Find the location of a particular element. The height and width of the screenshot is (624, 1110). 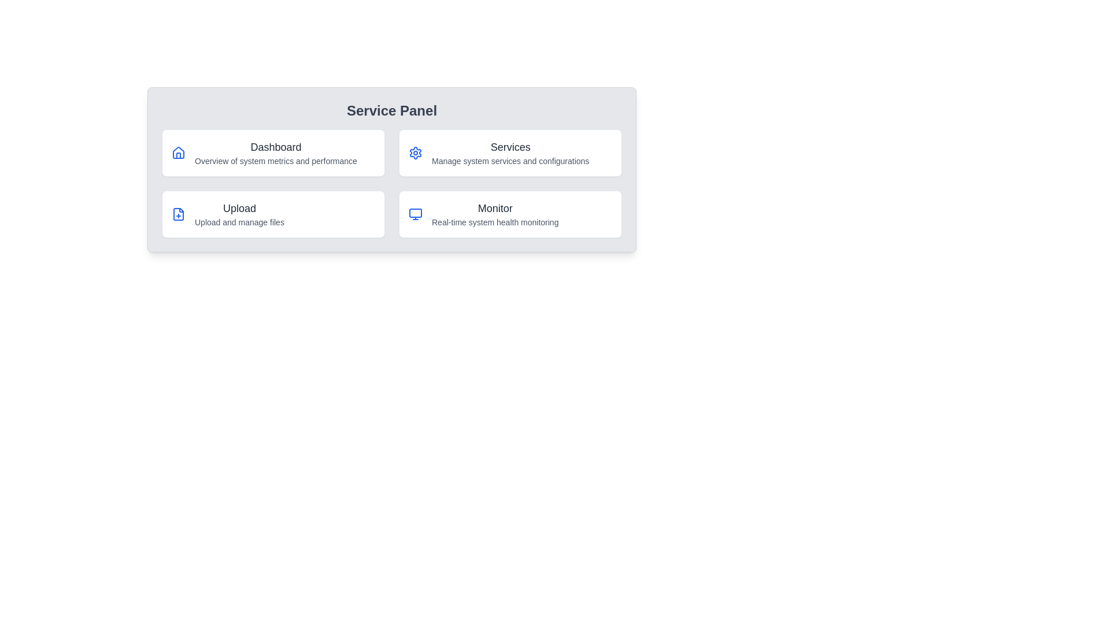

the second card in the grid layout, located in the top-right corner is located at coordinates (510, 153).